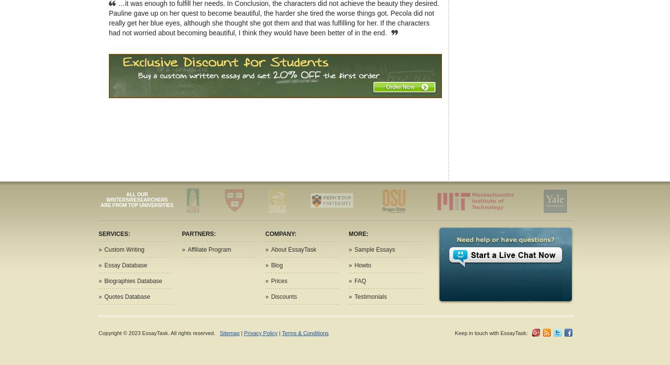 The image size is (670, 365). Describe the element at coordinates (260, 332) in the screenshot. I see `'Privacy Policy'` at that location.